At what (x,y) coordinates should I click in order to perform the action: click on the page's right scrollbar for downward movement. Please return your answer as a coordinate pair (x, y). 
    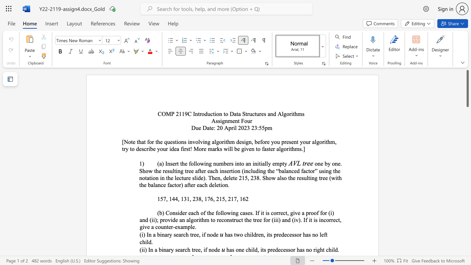
    Looking at the image, I should click on (467, 124).